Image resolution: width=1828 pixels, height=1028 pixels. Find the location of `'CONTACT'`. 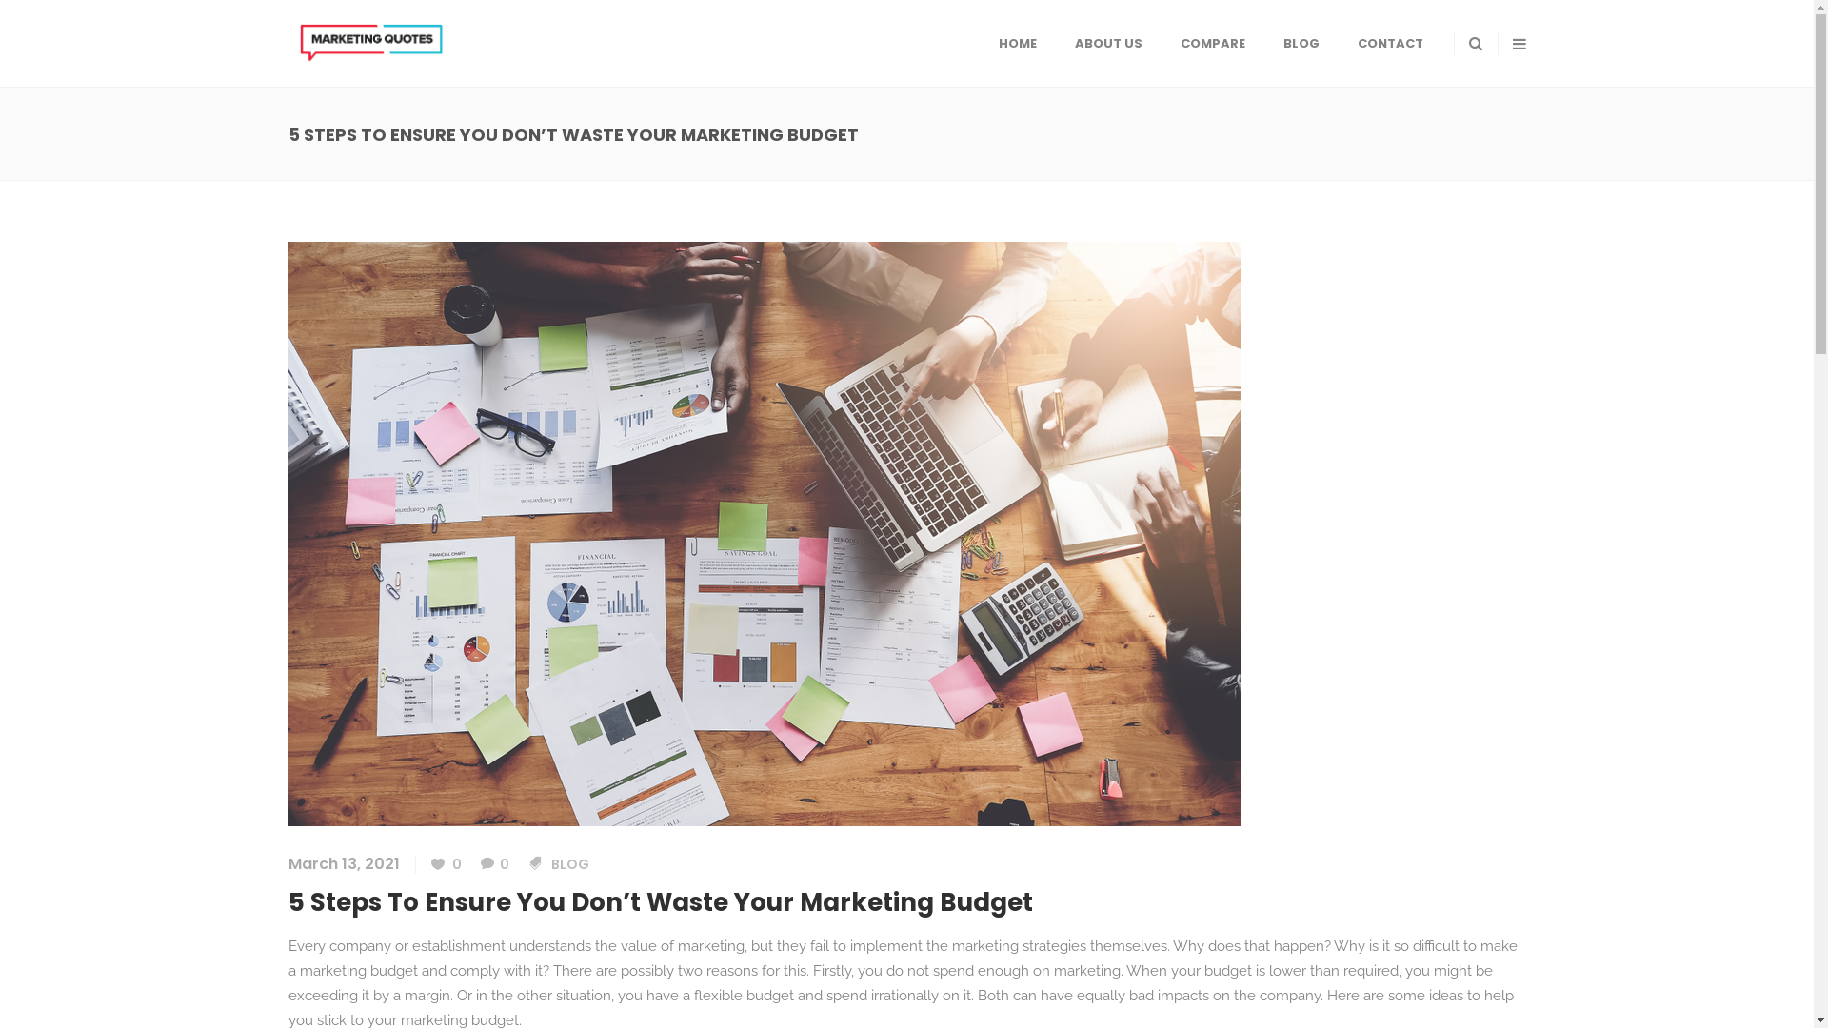

'CONTACT' is located at coordinates (1390, 43).